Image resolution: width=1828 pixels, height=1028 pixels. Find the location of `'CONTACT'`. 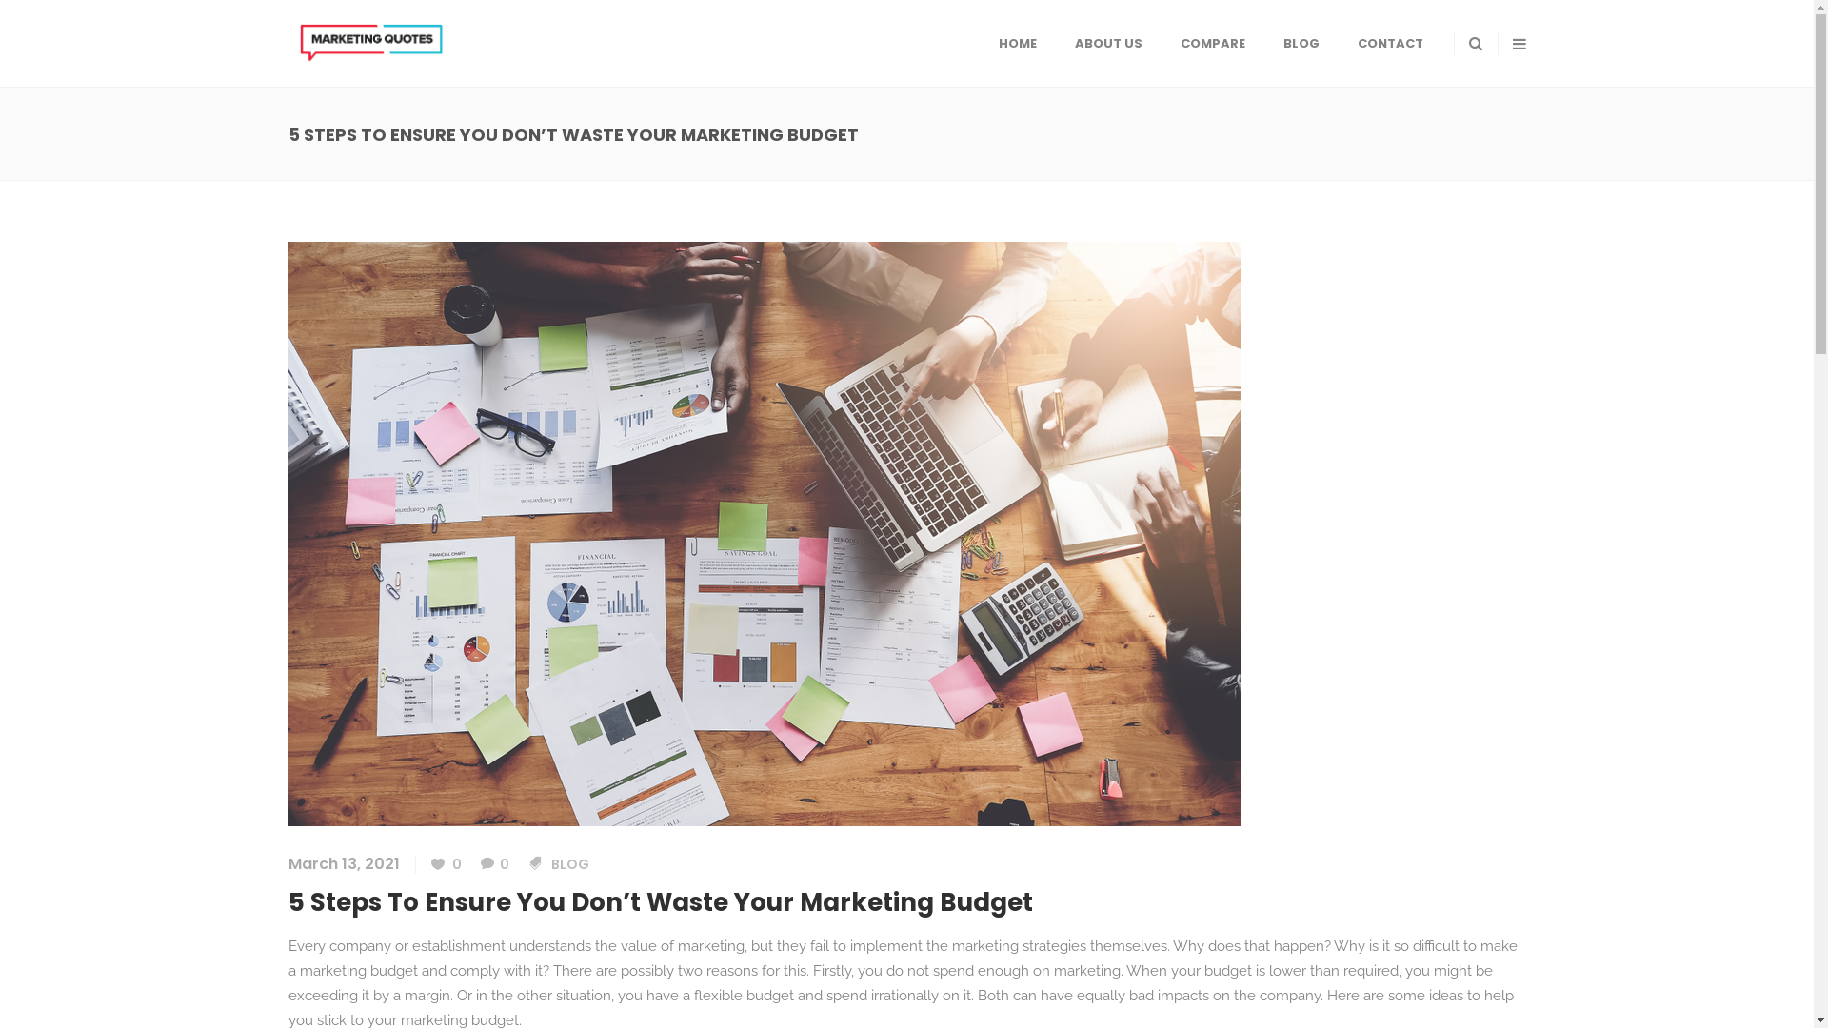

'CONTACT' is located at coordinates (1390, 43).